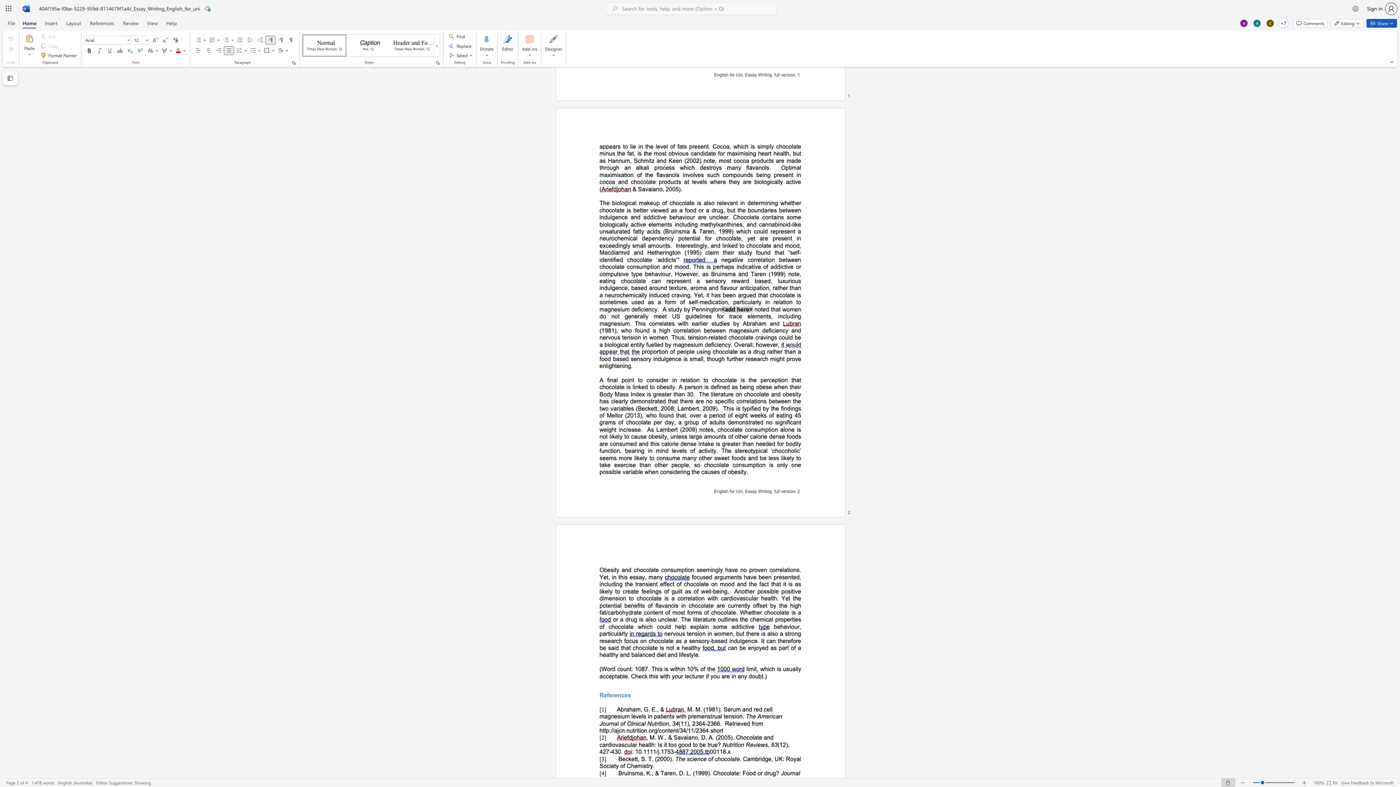 The width and height of the screenshot is (1400, 787). What do you see at coordinates (610, 570) in the screenshot?
I see `the space between the continuous character "e" and "s" in the text` at bounding box center [610, 570].